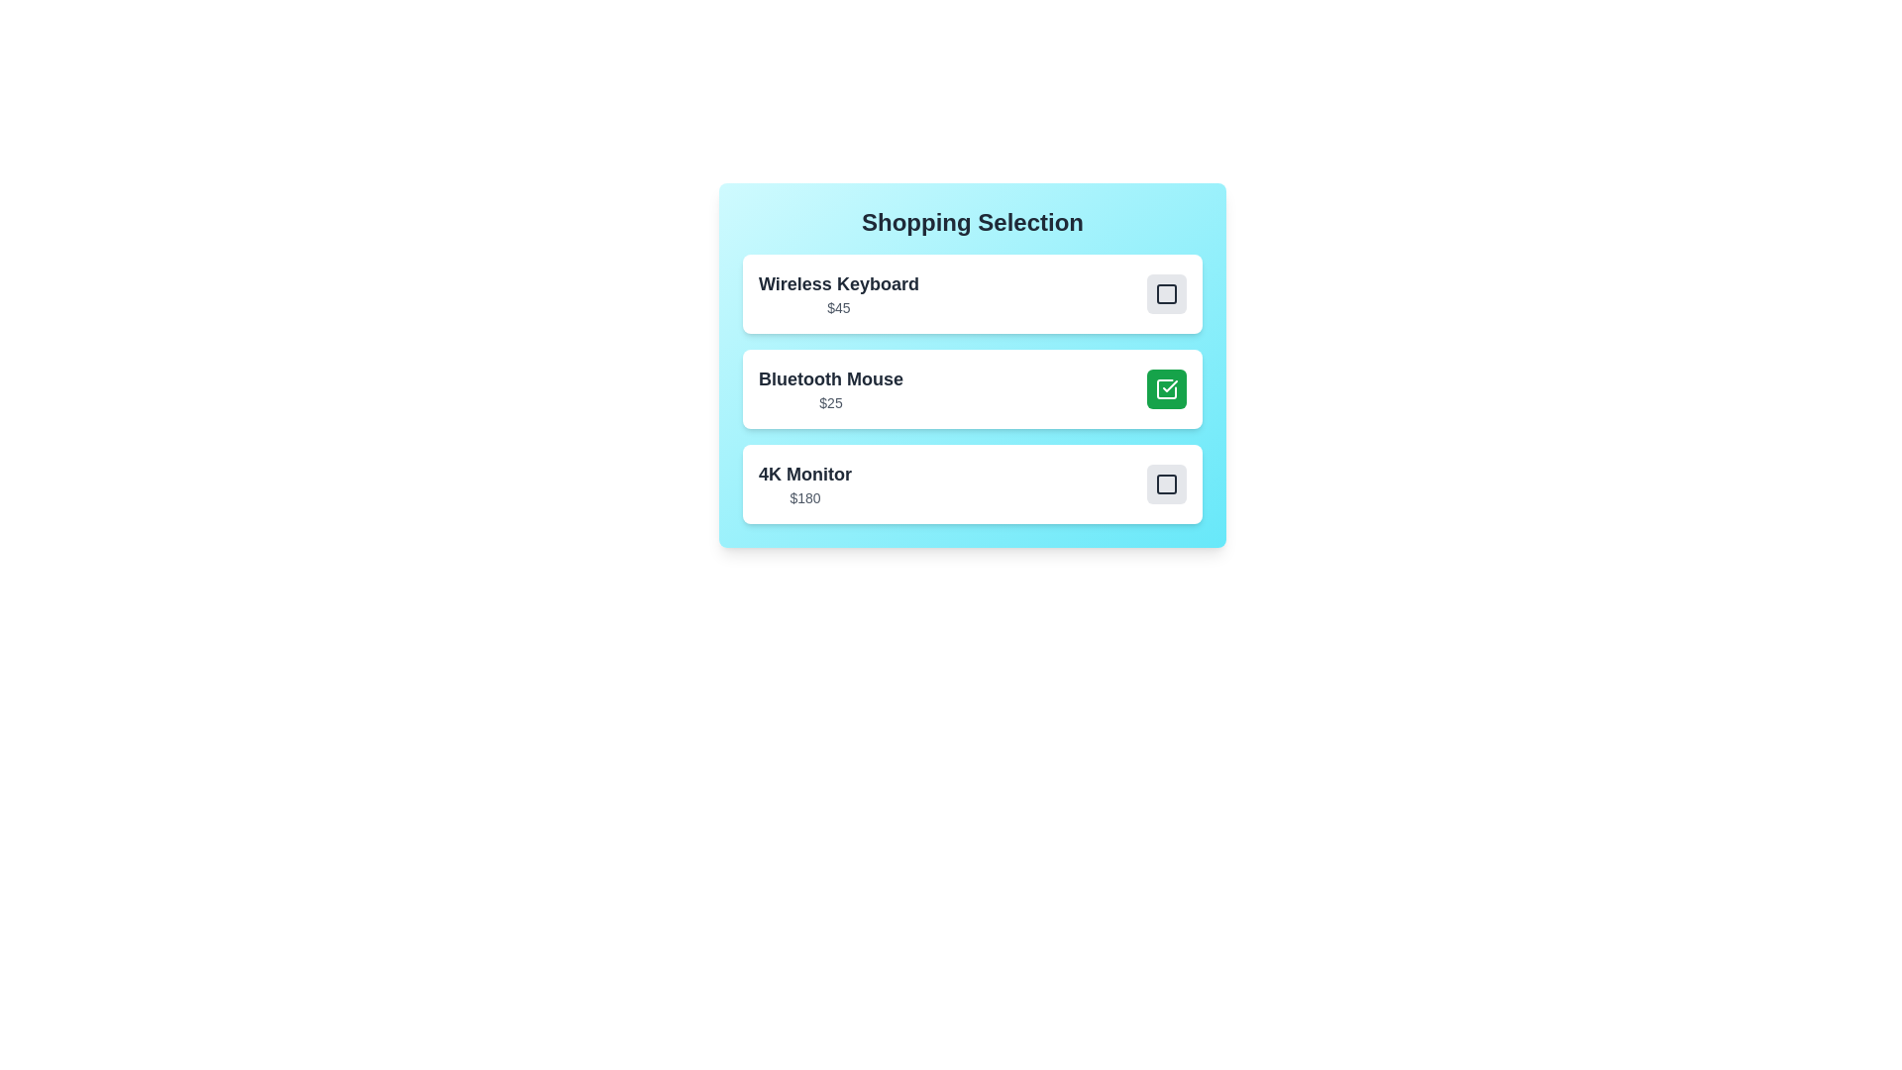 The image size is (1902, 1070). I want to click on the heading component that serves as the title for the list of items, located centrally near the top of the cyan gradient box, so click(973, 222).